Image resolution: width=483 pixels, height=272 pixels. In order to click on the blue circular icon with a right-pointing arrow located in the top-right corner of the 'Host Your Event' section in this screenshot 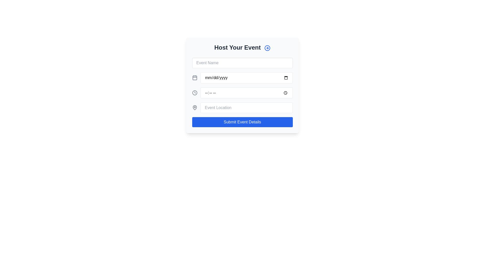, I will do `click(267, 48)`.